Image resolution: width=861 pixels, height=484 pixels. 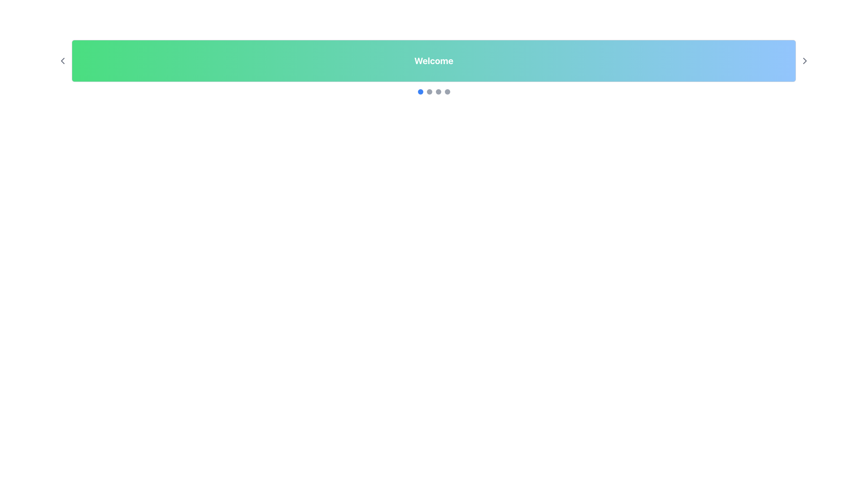 I want to click on the blue circle in the Carousel pagination indicator, so click(x=434, y=91).